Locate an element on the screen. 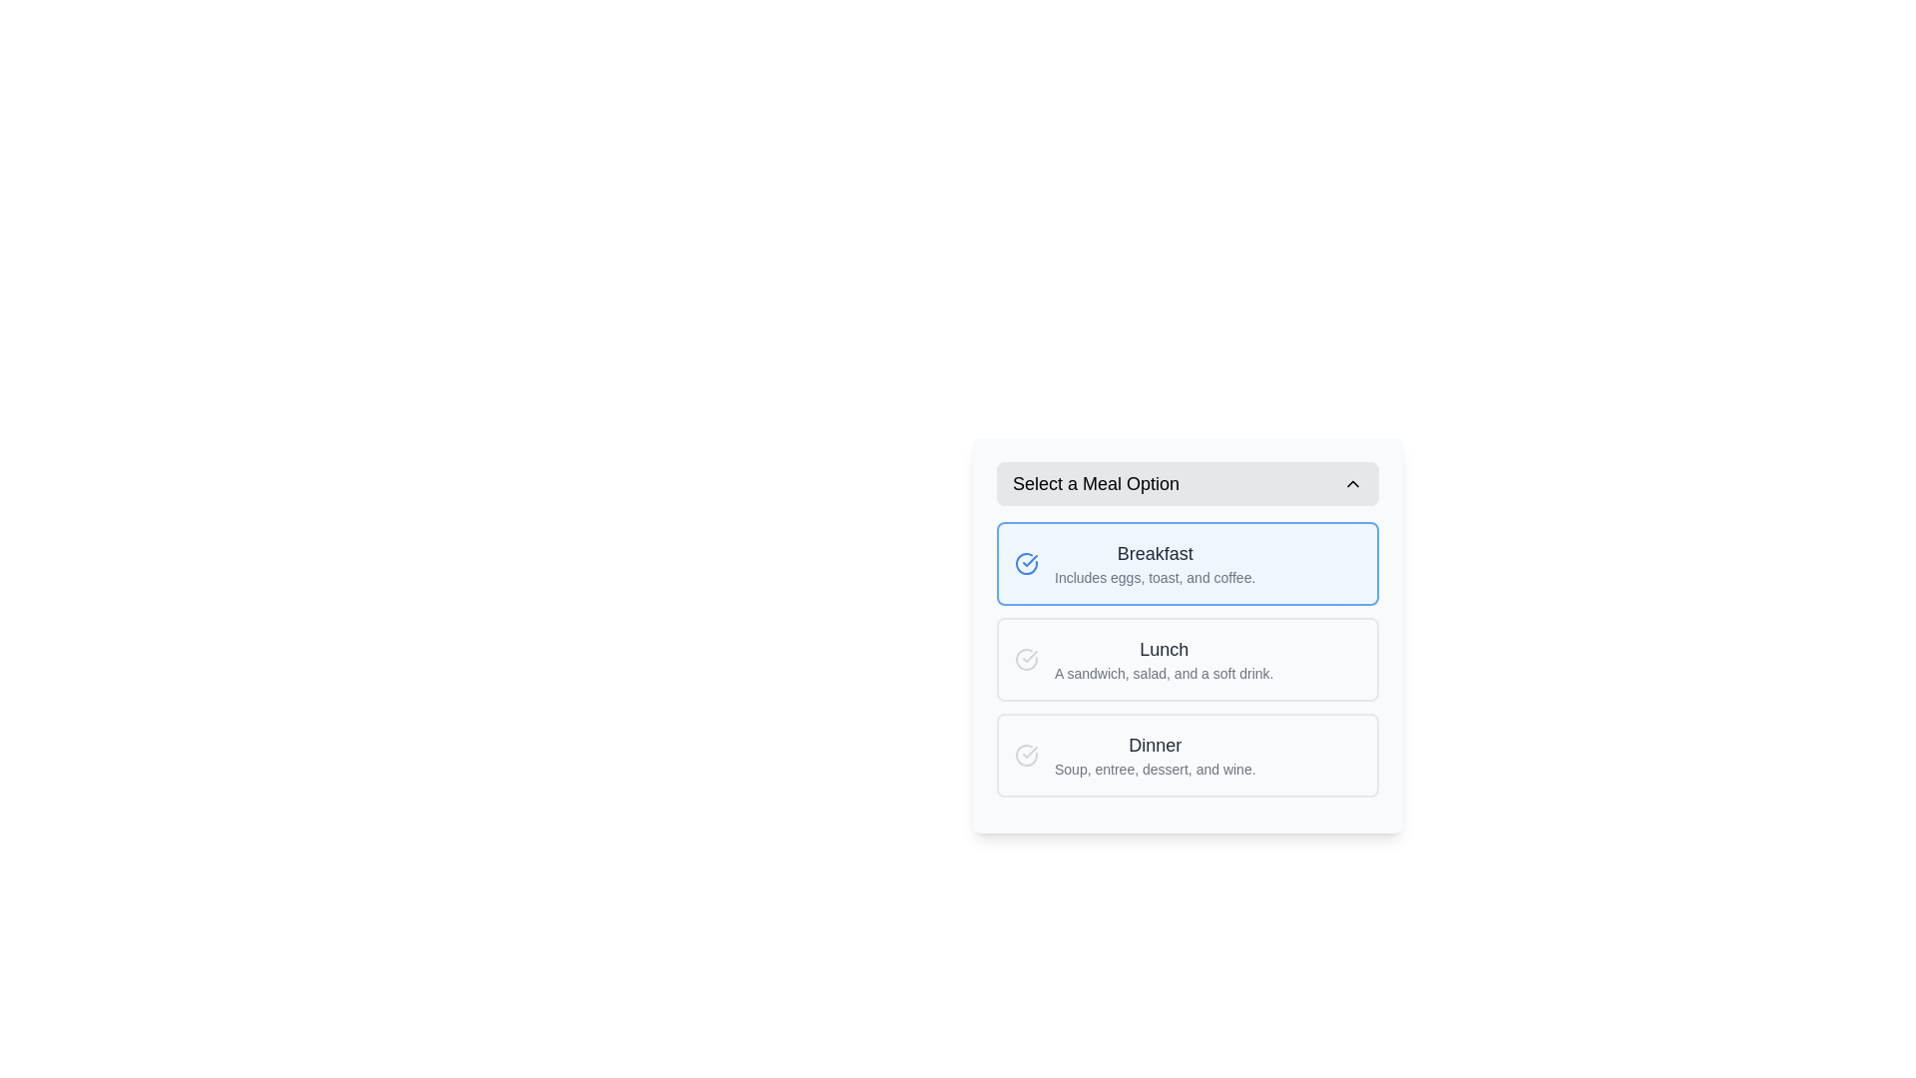 Image resolution: width=1916 pixels, height=1078 pixels. the checkbox icon indicating the selection state of the 'Dinner' option is located at coordinates (1026, 755).